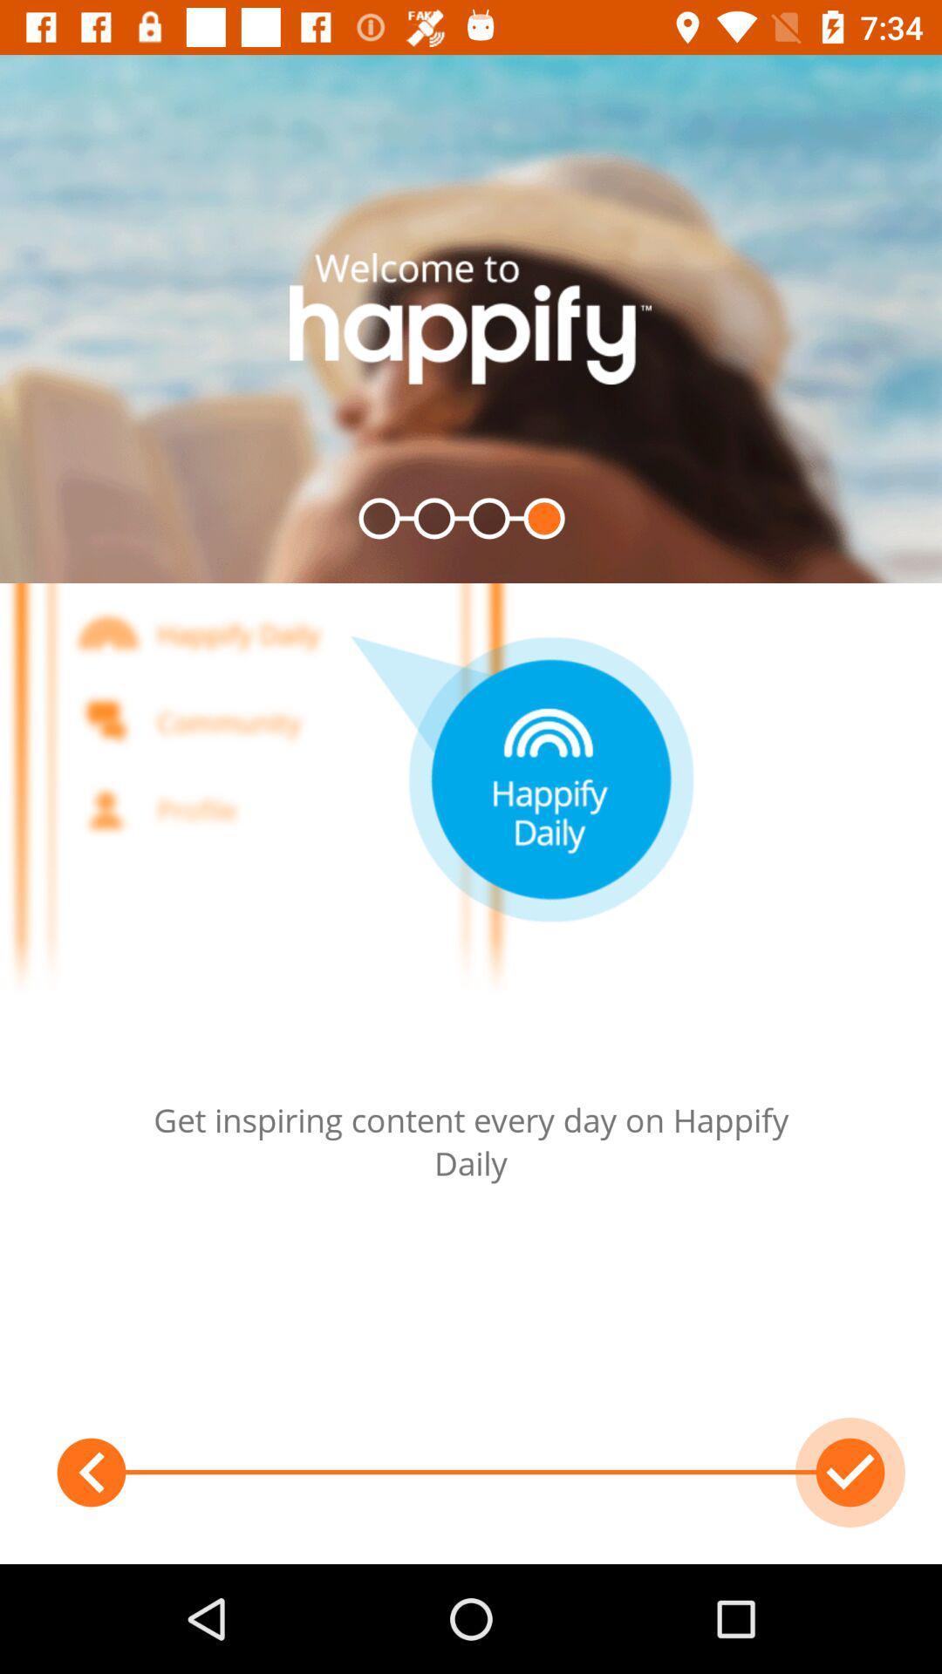 This screenshot has width=942, height=1674. Describe the element at coordinates (850, 1472) in the screenshot. I see `mark task completed` at that location.